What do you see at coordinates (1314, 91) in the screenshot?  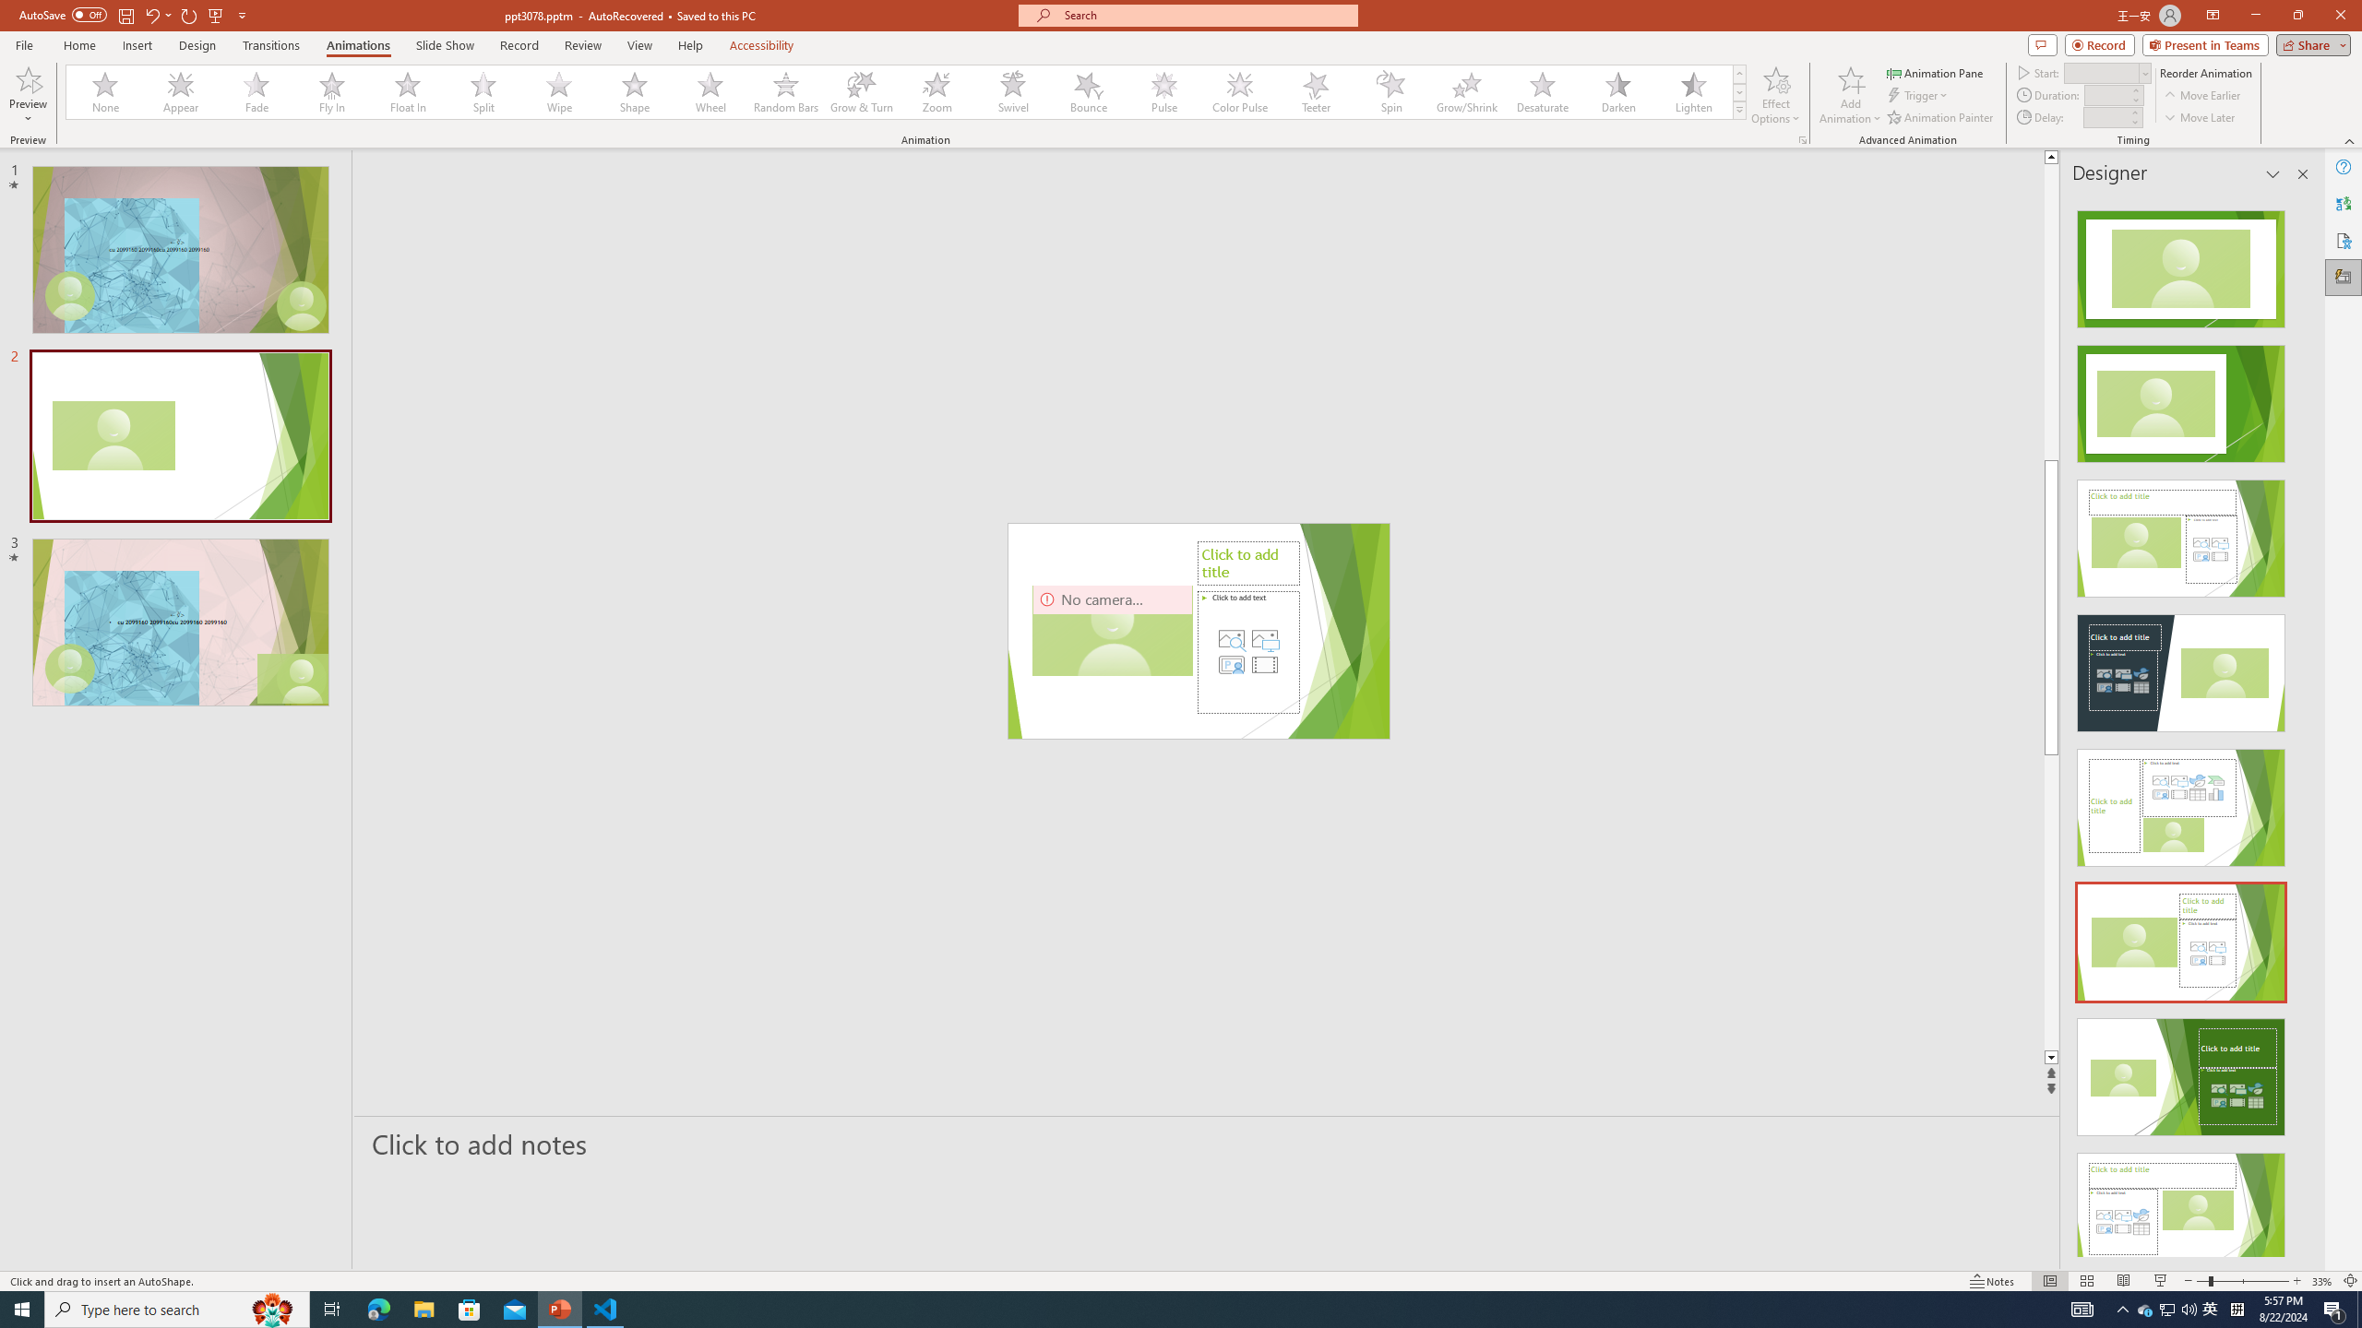 I see `'Teeter'` at bounding box center [1314, 91].